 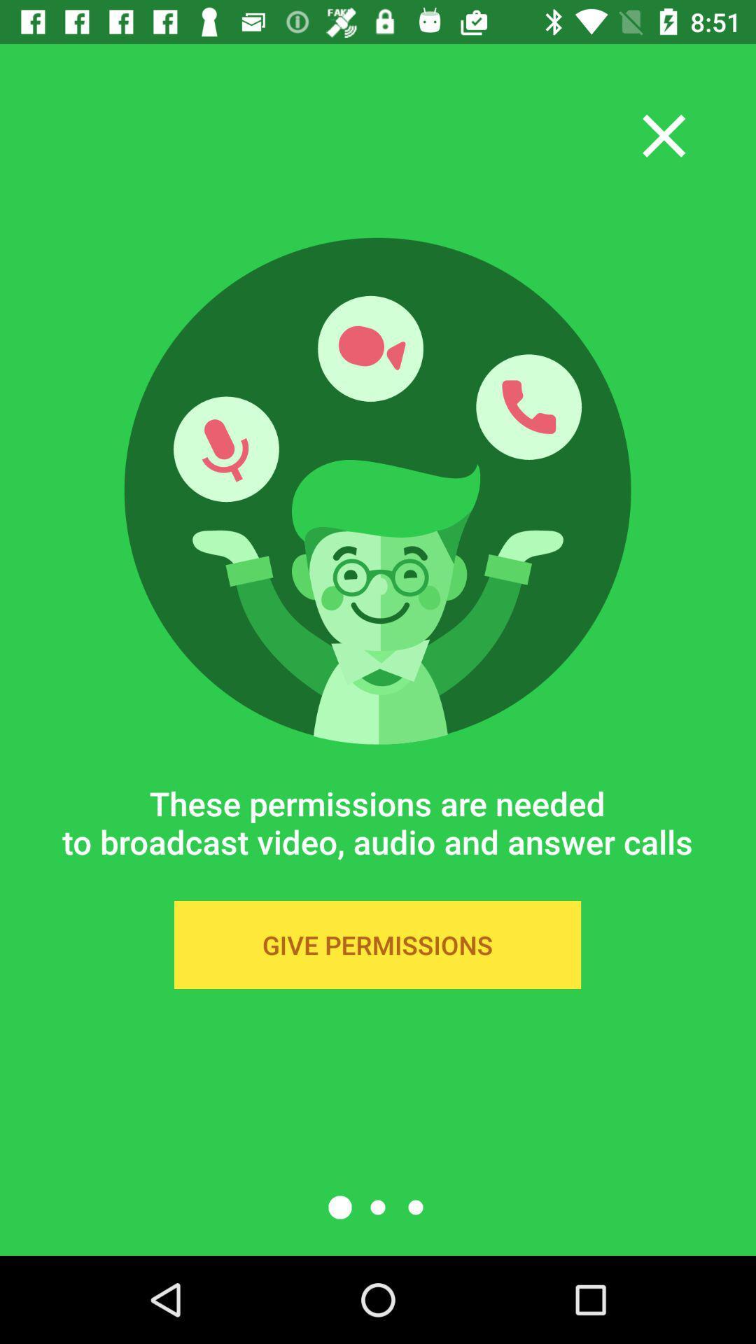 What do you see at coordinates (377, 944) in the screenshot?
I see `the give permissions icon` at bounding box center [377, 944].